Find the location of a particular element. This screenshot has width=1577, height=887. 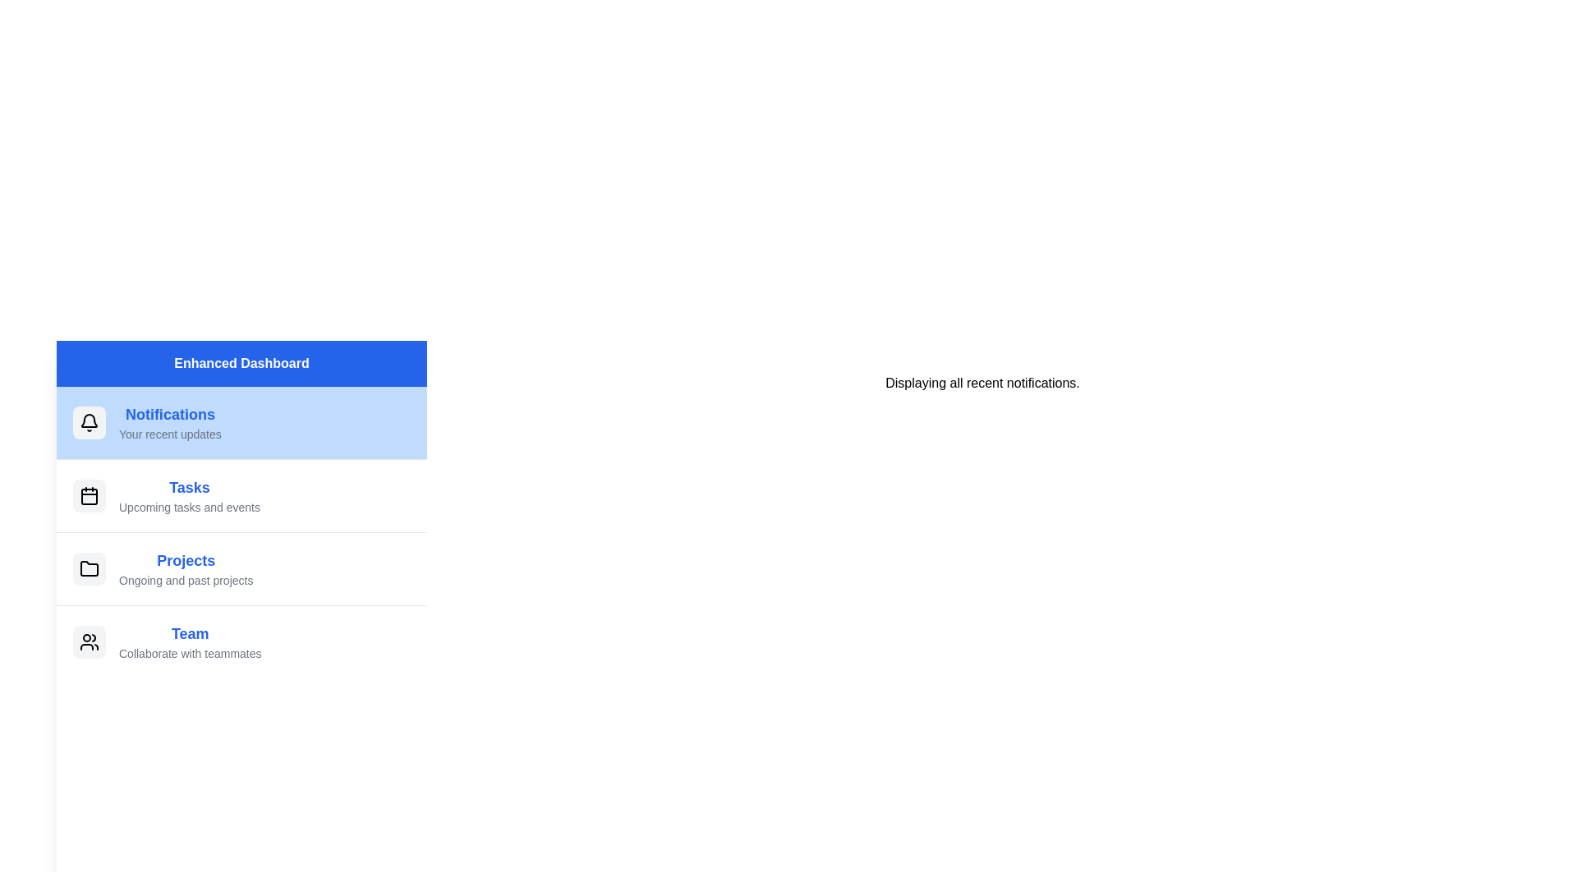

the menu item labeled Team to observe its hover effect is located at coordinates (241, 641).